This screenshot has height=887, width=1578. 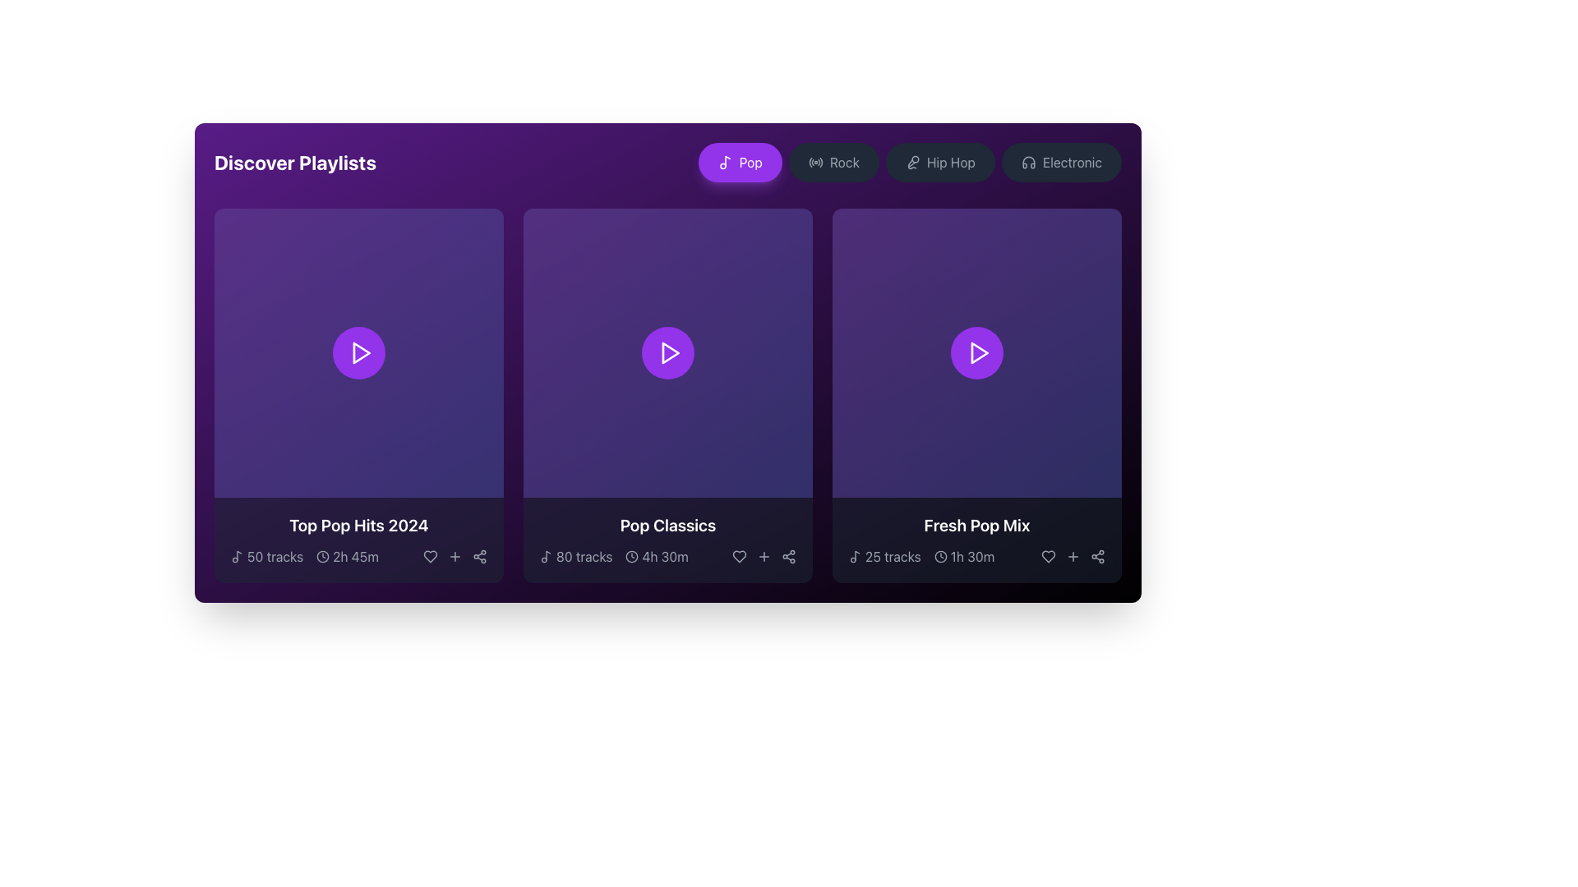 I want to click on the text information element that provides metadata about the 'Fresh Pop Mix' playlist, located at the bottom-central part of the third column in the playlist grid, so click(x=977, y=556).